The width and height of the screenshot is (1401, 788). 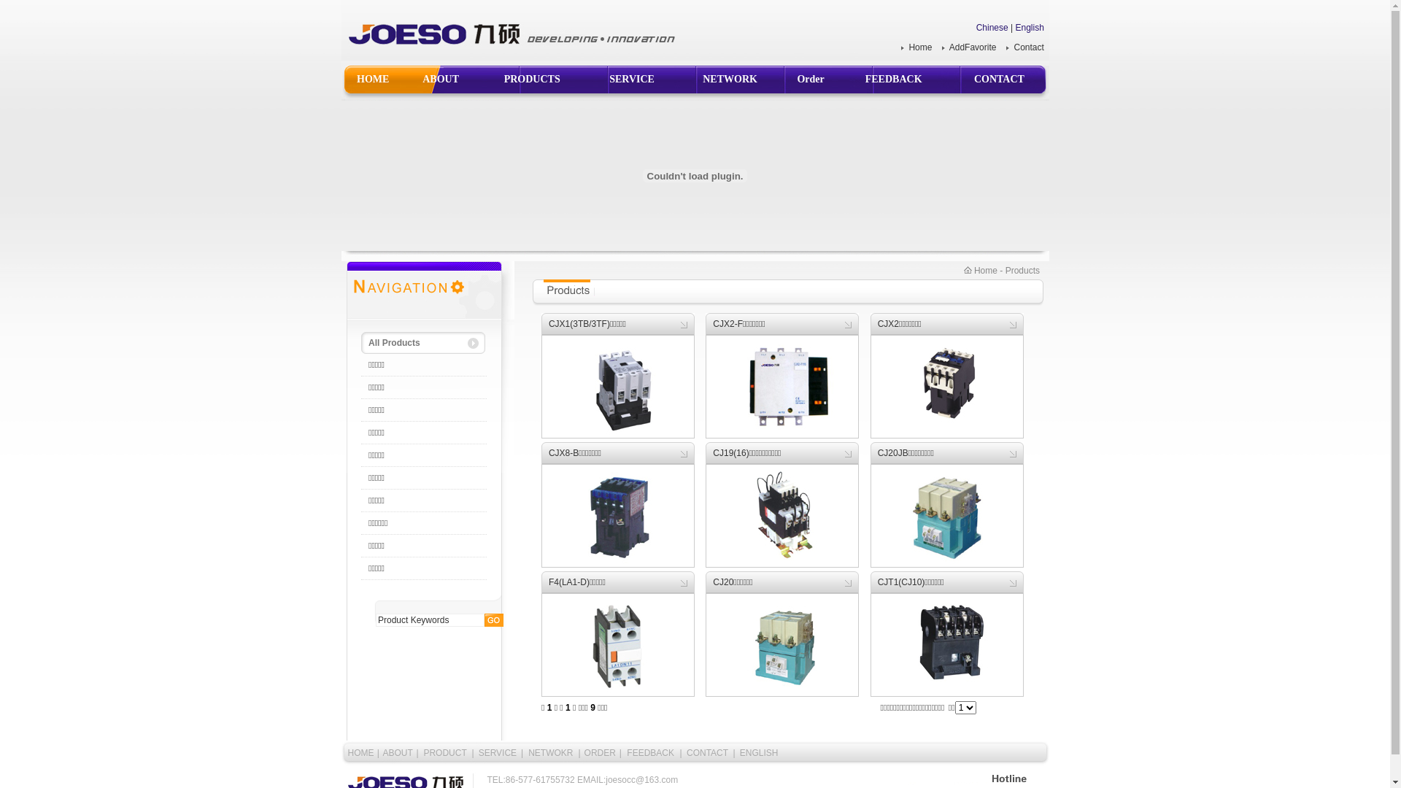 I want to click on 'CONTACT', so click(x=973, y=74).